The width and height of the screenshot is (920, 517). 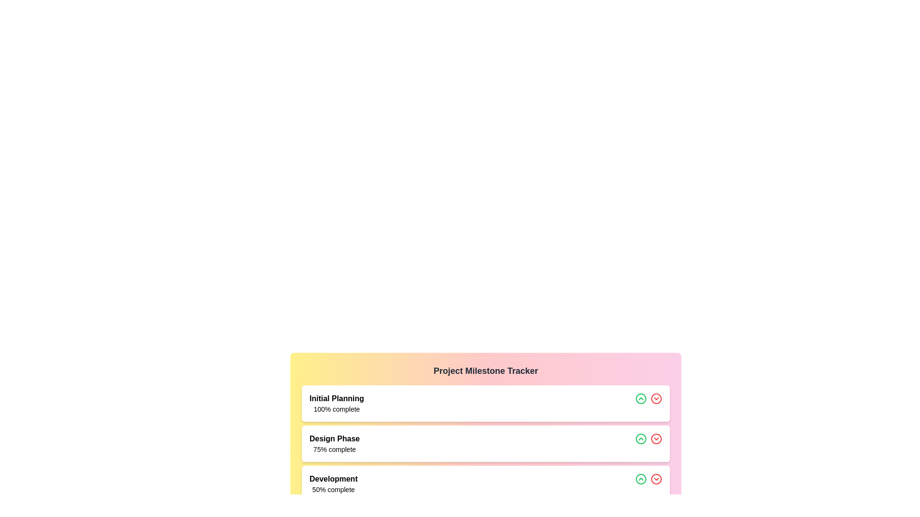 I want to click on the circular SVG graphic with a red border that forms part of the dropdown toggle button in the top right corner of the 'Project Milestone Tracker', so click(x=655, y=399).